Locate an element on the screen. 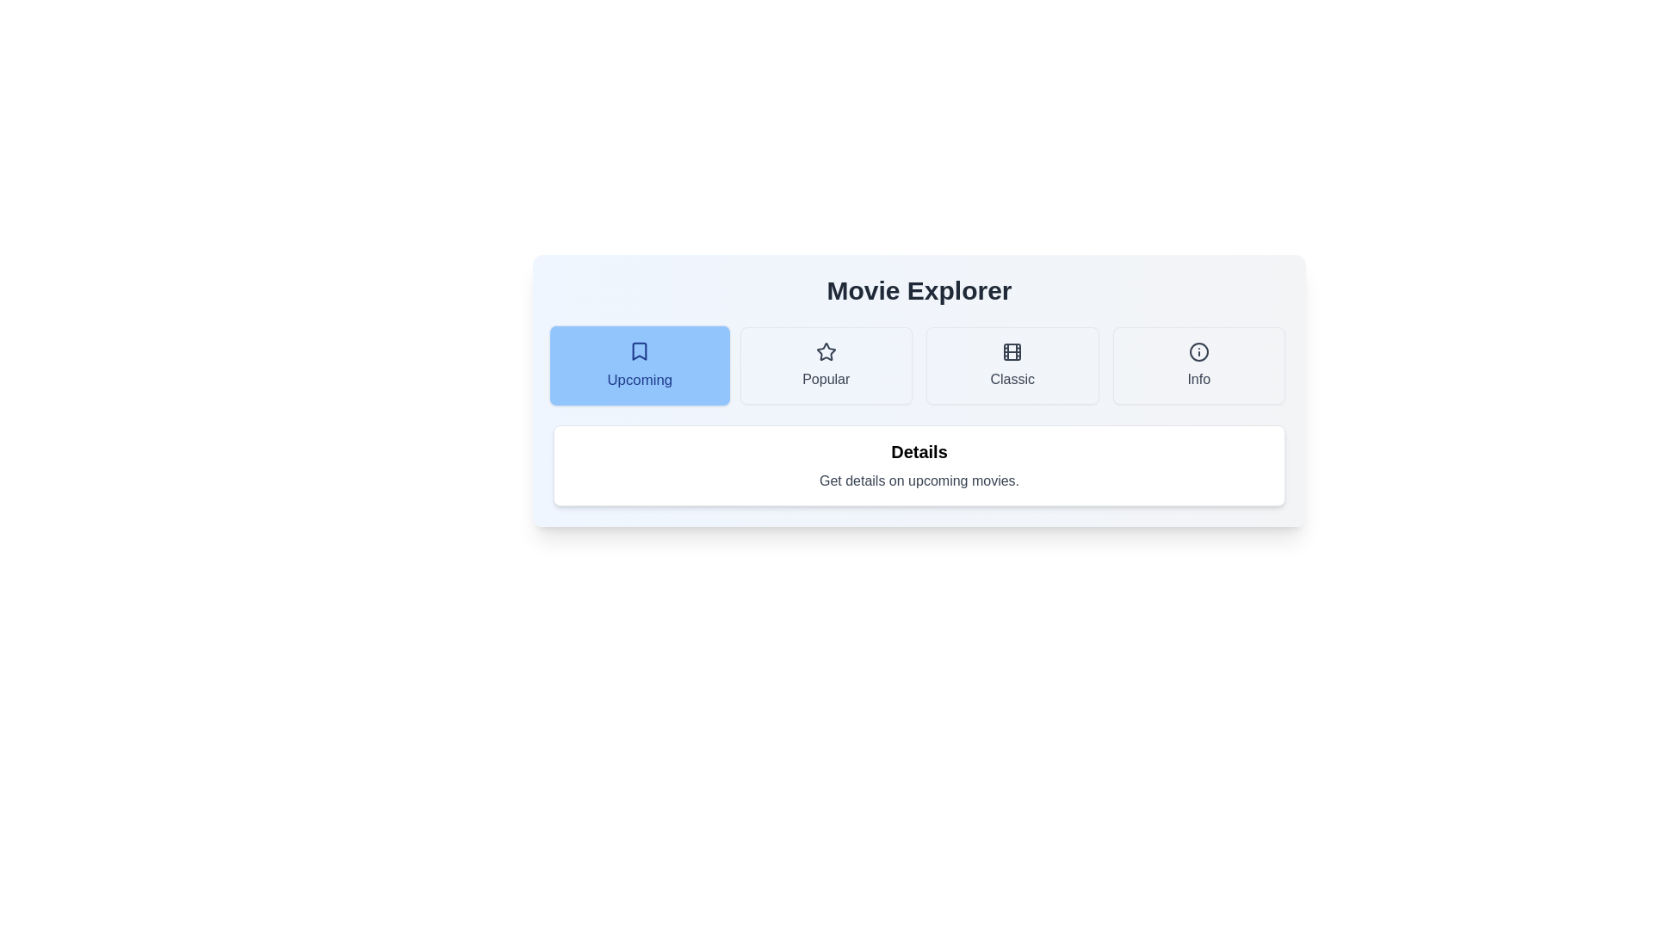  the text label that contains the word 'Classic', which is styled with a medium-weight font and is positioned below the film strip icon in the third position from the left under the 'Movie Explorer' heading is located at coordinates (1012, 378).